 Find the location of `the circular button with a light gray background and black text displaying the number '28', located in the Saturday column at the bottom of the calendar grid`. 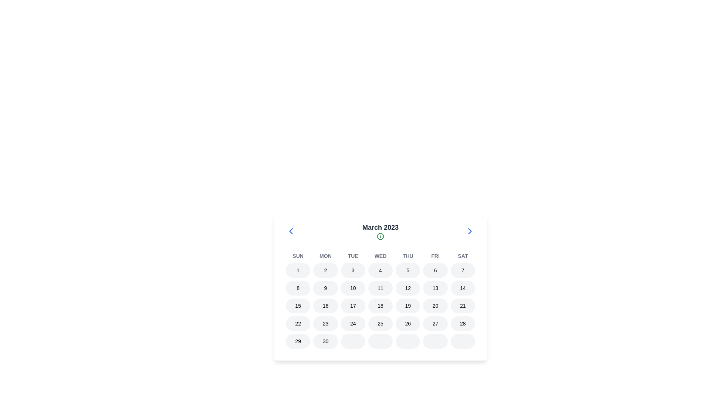

the circular button with a light gray background and black text displaying the number '28', located in the Saturday column at the bottom of the calendar grid is located at coordinates (462, 323).